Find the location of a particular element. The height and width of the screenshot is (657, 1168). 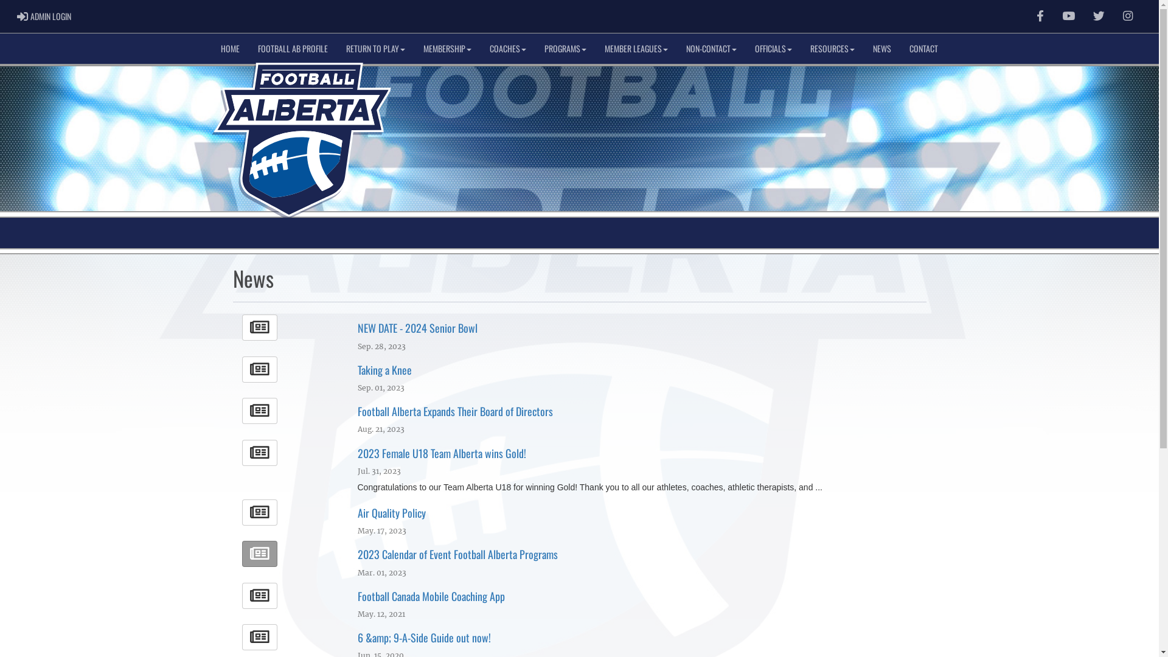

'Youtube' is located at coordinates (1053, 16).